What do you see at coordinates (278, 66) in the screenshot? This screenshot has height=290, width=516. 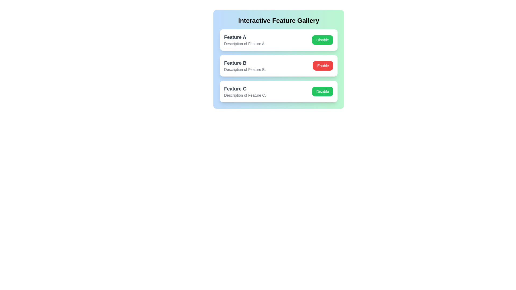 I see `the feature Feature B to observe the hover effect` at bounding box center [278, 66].